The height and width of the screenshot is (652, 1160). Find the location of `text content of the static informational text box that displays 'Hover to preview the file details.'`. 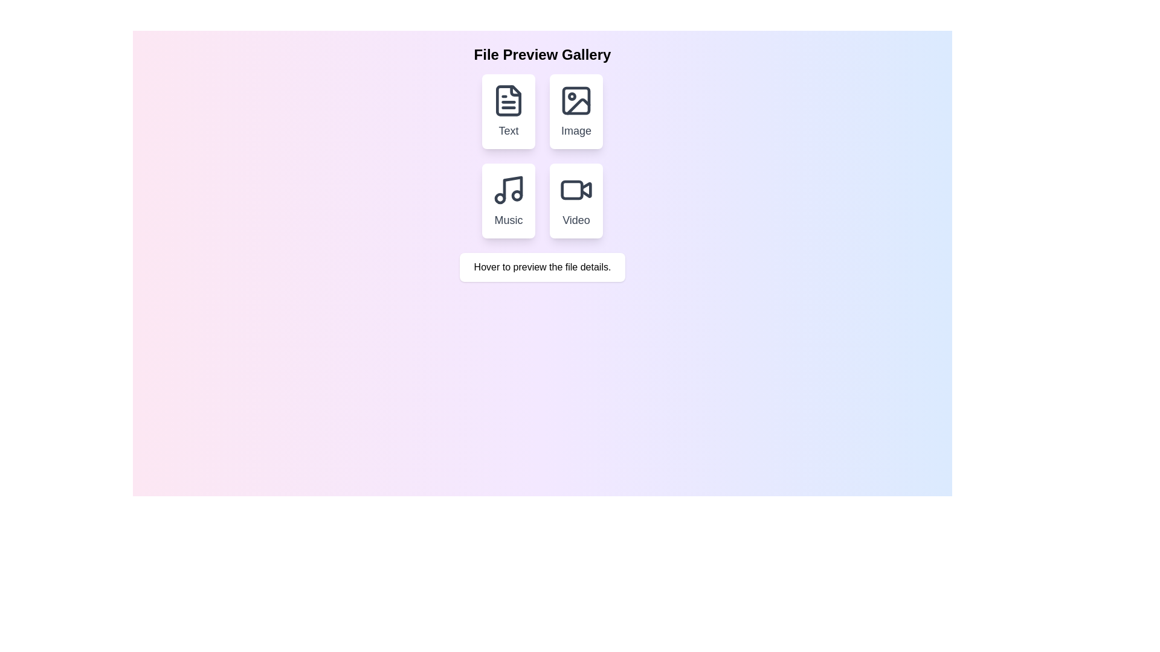

text content of the static informational text box that displays 'Hover to preview the file details.' is located at coordinates (541, 267).